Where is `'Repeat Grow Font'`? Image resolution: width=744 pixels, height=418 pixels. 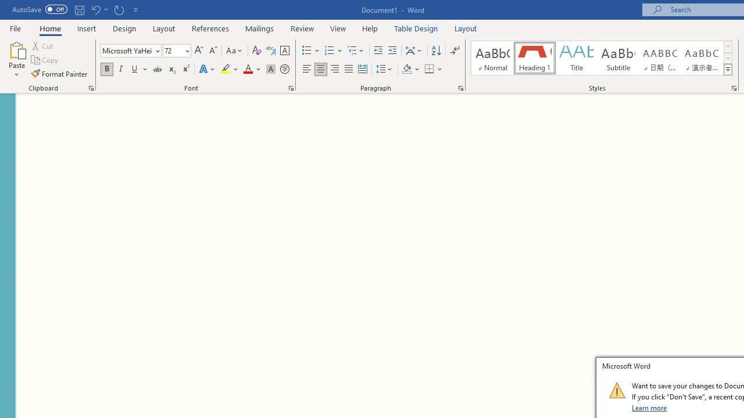 'Repeat Grow Font' is located at coordinates (119, 9).